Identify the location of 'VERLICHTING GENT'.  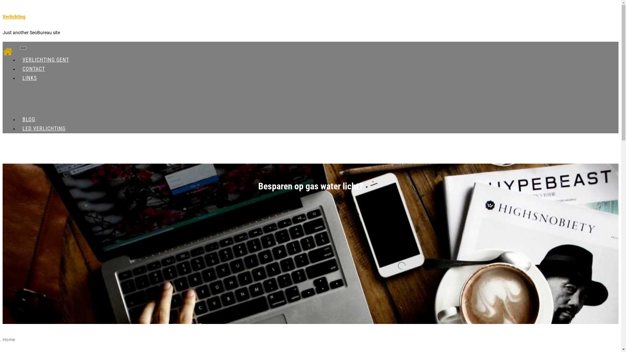
(45, 60).